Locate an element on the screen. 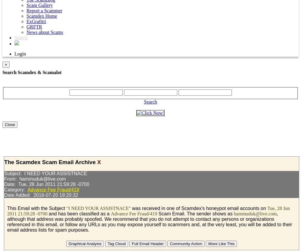  'Date:  Tue, 28 Jun 2011 21:59:28 -0700' is located at coordinates (47, 184).